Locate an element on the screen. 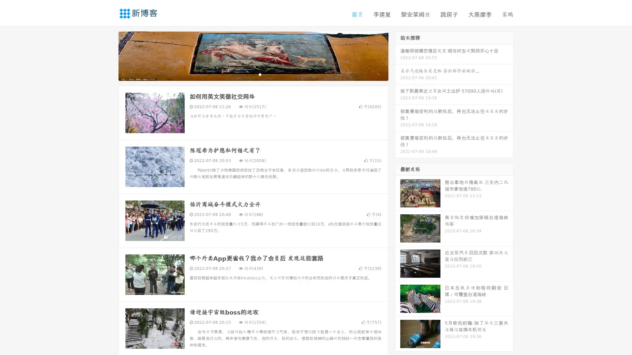  Go to slide 3 is located at coordinates (260, 74).